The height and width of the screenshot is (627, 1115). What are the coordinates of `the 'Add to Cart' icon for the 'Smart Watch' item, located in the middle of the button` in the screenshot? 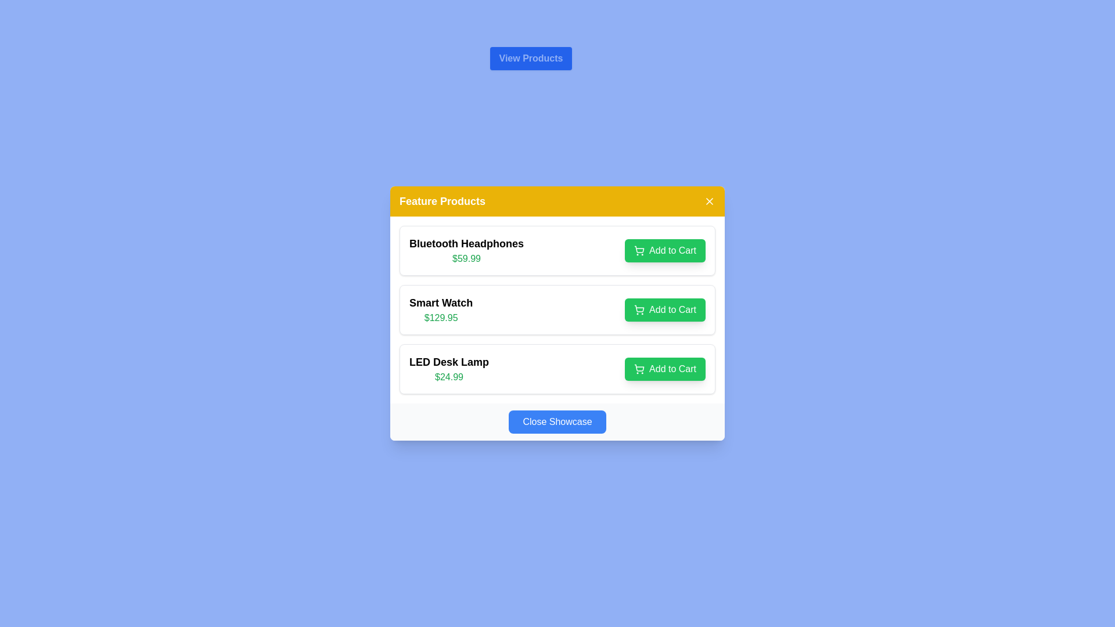 It's located at (639, 309).